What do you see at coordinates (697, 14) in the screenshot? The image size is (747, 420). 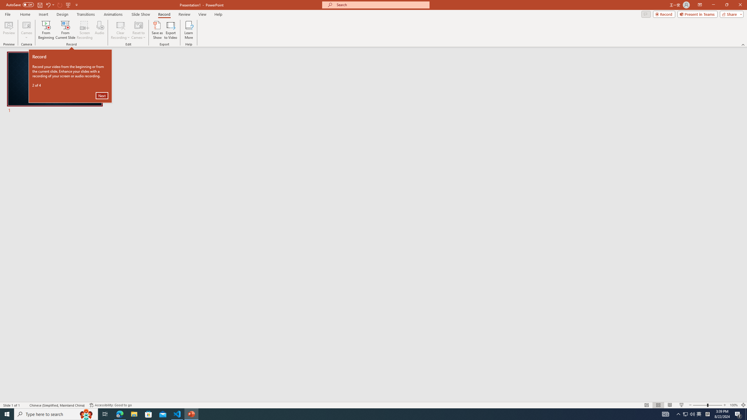 I see `'Present in Teams'` at bounding box center [697, 14].